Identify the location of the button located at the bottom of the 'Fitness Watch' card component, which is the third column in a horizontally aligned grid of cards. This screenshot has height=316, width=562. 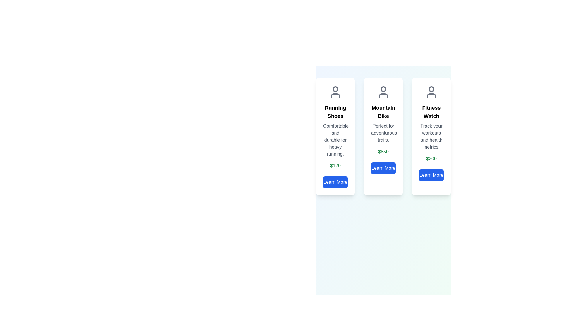
(431, 175).